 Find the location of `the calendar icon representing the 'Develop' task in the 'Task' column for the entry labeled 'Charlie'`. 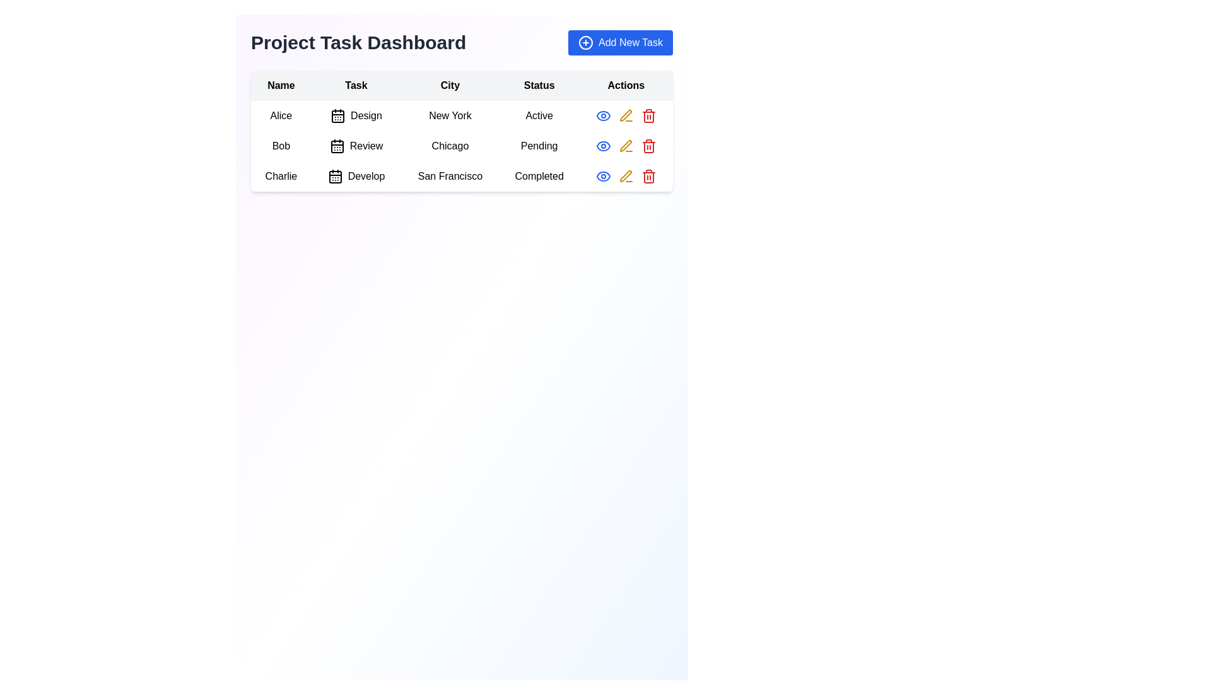

the calendar icon representing the 'Develop' task in the 'Task' column for the entry labeled 'Charlie' is located at coordinates (335, 177).